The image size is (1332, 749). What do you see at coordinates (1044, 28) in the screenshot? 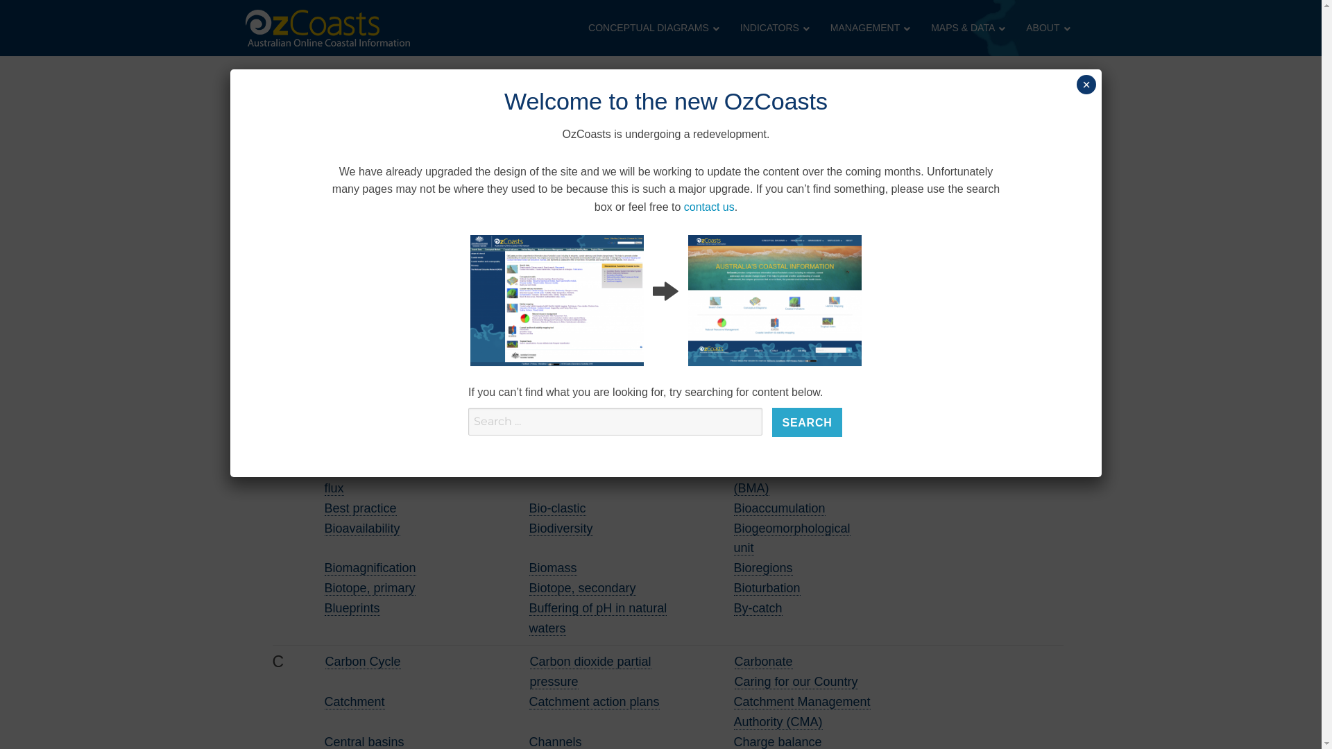
I see `'ABOUT'` at bounding box center [1044, 28].